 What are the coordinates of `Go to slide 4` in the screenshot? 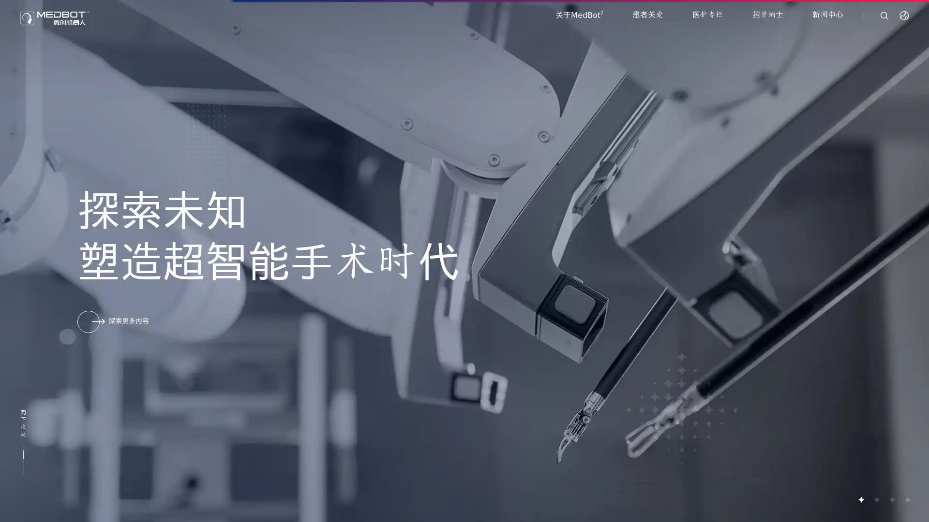 It's located at (907, 499).